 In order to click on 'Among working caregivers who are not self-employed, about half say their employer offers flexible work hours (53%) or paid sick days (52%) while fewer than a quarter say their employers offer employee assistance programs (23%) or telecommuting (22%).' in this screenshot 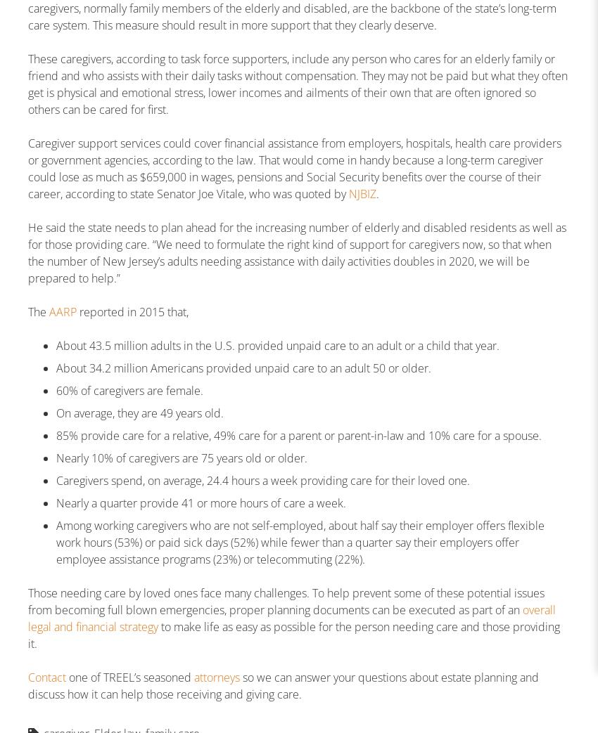, I will do `click(300, 542)`.